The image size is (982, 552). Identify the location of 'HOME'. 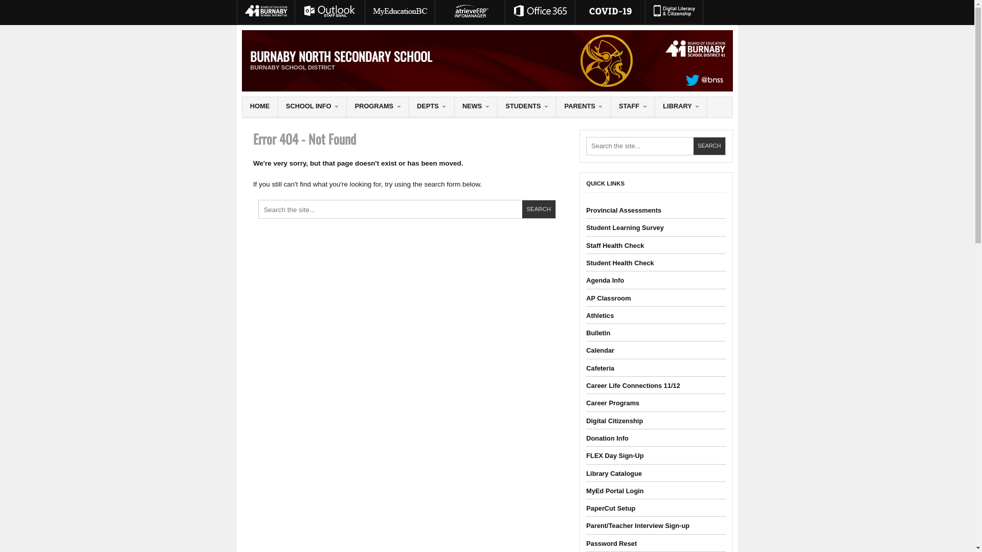
(260, 107).